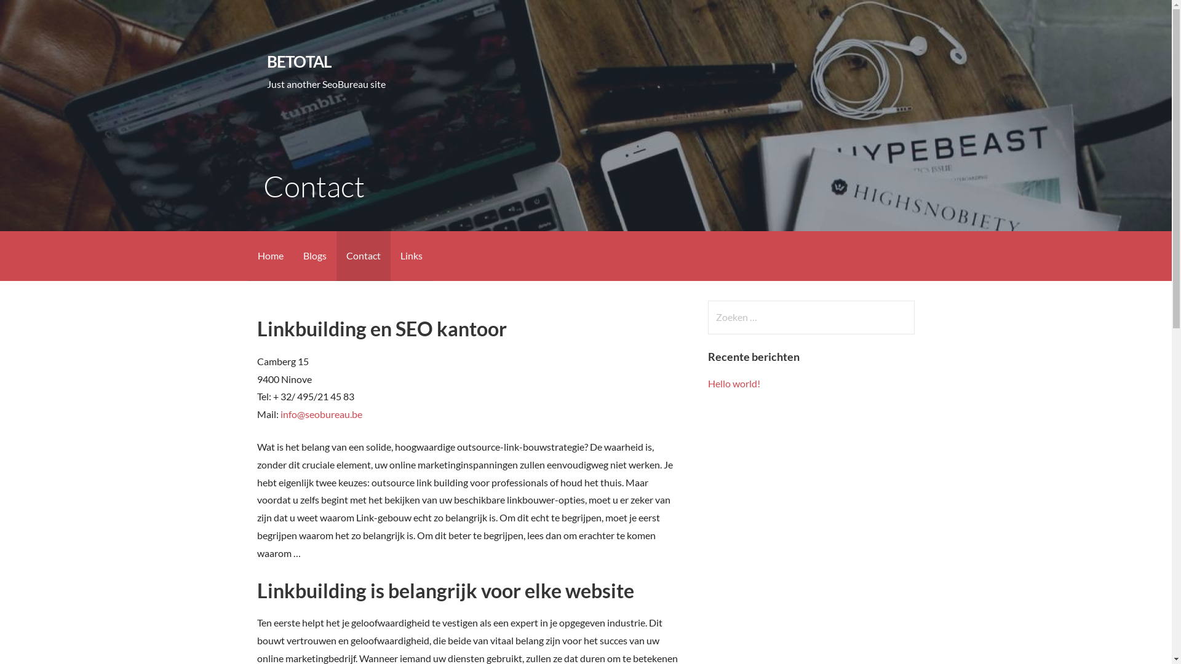  What do you see at coordinates (314, 255) in the screenshot?
I see `'Blogs'` at bounding box center [314, 255].